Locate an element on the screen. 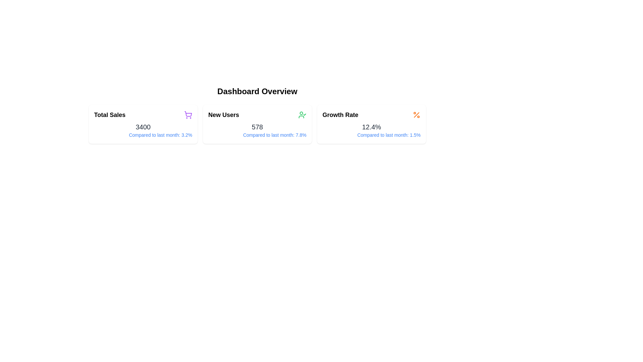 The image size is (643, 362). the static text element displaying the number '3400', which is prominently positioned below the title 'Total Sales' in a large, bold, dark gray font is located at coordinates (143, 127).